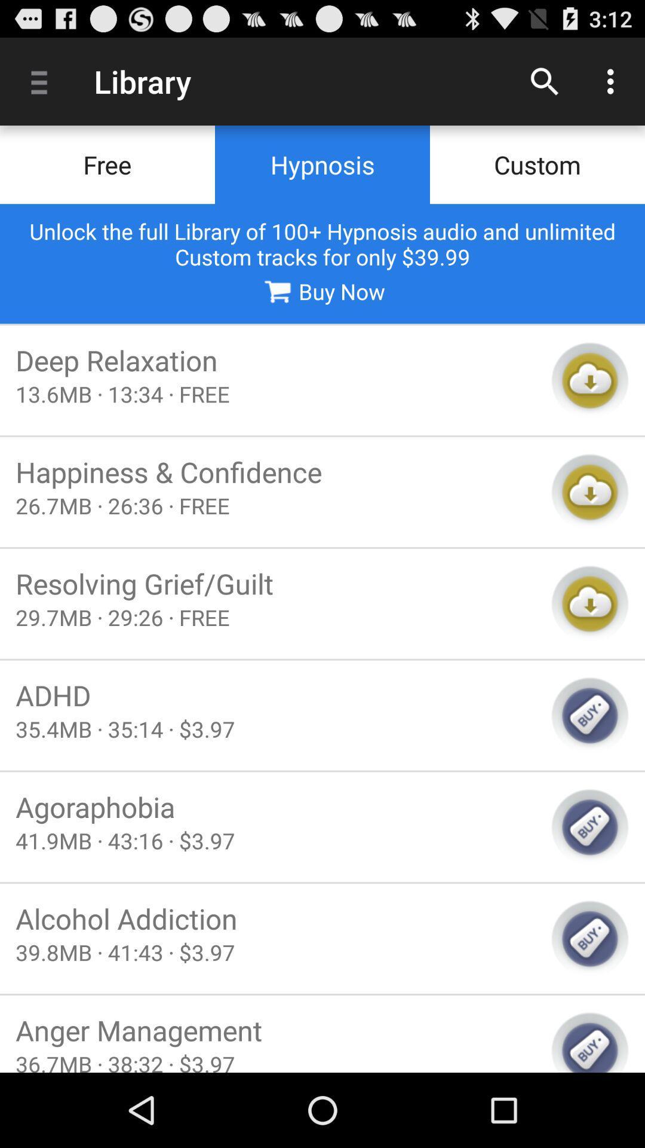 The width and height of the screenshot is (645, 1148). What do you see at coordinates (275, 584) in the screenshot?
I see `resolving grief/guilt item` at bounding box center [275, 584].